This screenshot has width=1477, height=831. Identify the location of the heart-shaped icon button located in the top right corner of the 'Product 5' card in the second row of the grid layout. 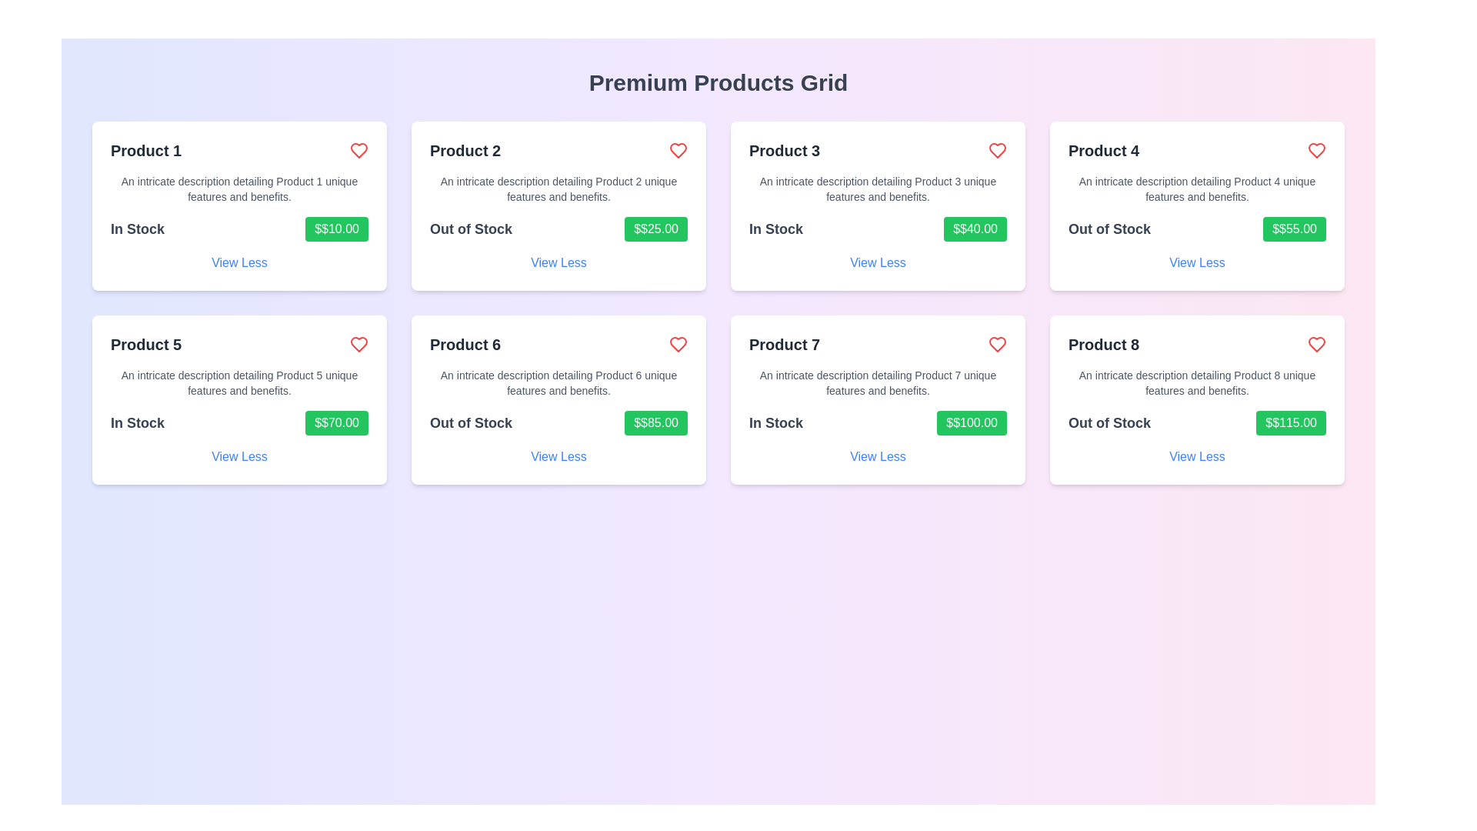
(358, 343).